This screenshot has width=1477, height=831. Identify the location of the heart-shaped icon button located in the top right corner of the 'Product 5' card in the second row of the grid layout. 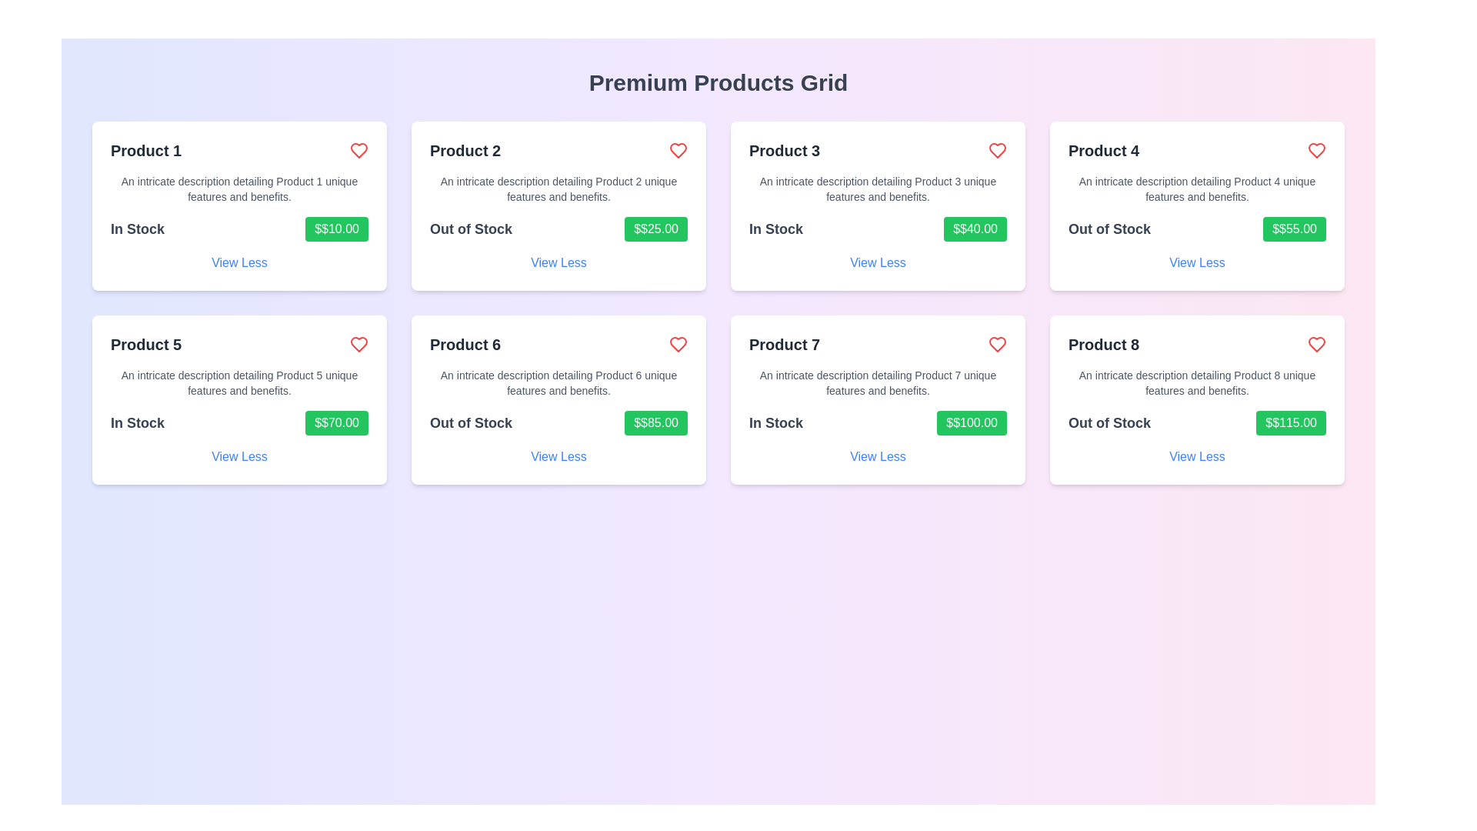
(358, 343).